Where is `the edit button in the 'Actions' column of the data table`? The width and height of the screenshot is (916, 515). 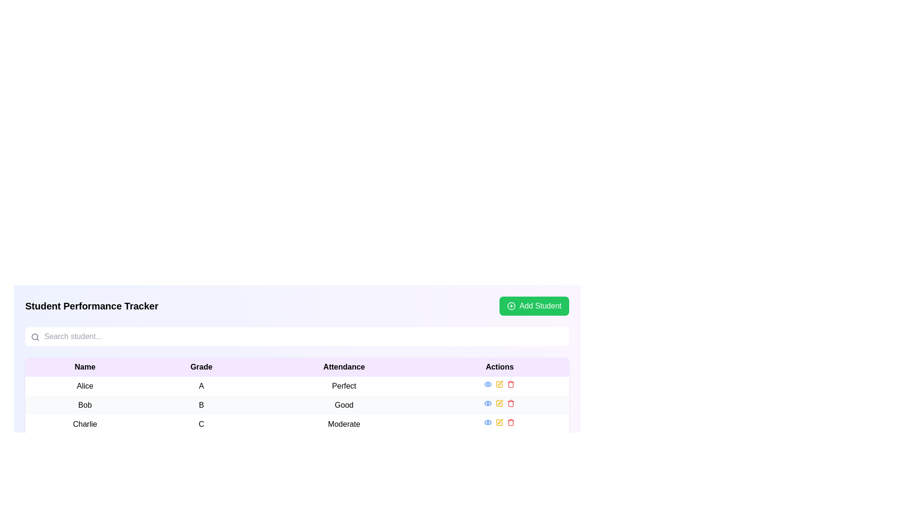 the edit button in the 'Actions' column of the data table is located at coordinates (499, 384).